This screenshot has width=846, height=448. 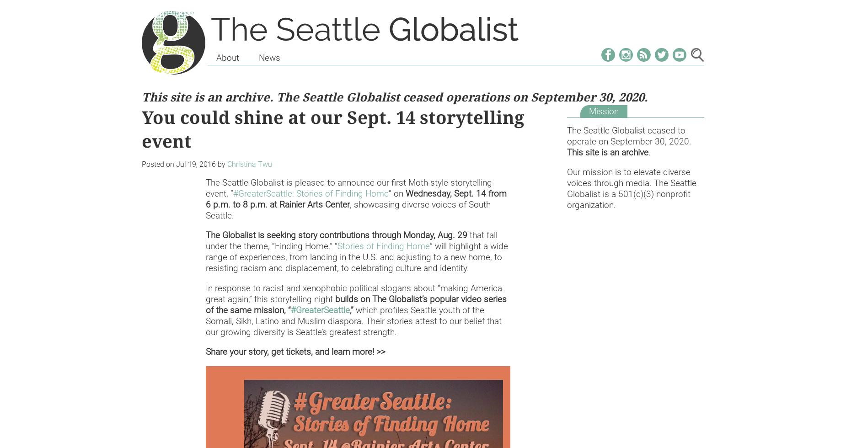 I want to click on 'Christina Twu', so click(x=249, y=164).